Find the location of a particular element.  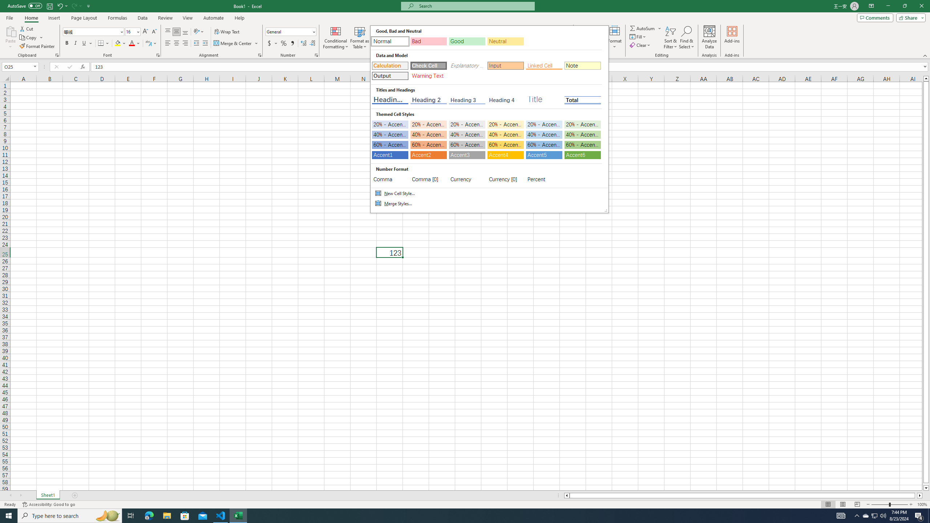

'Format Cell Font' is located at coordinates (158, 54).